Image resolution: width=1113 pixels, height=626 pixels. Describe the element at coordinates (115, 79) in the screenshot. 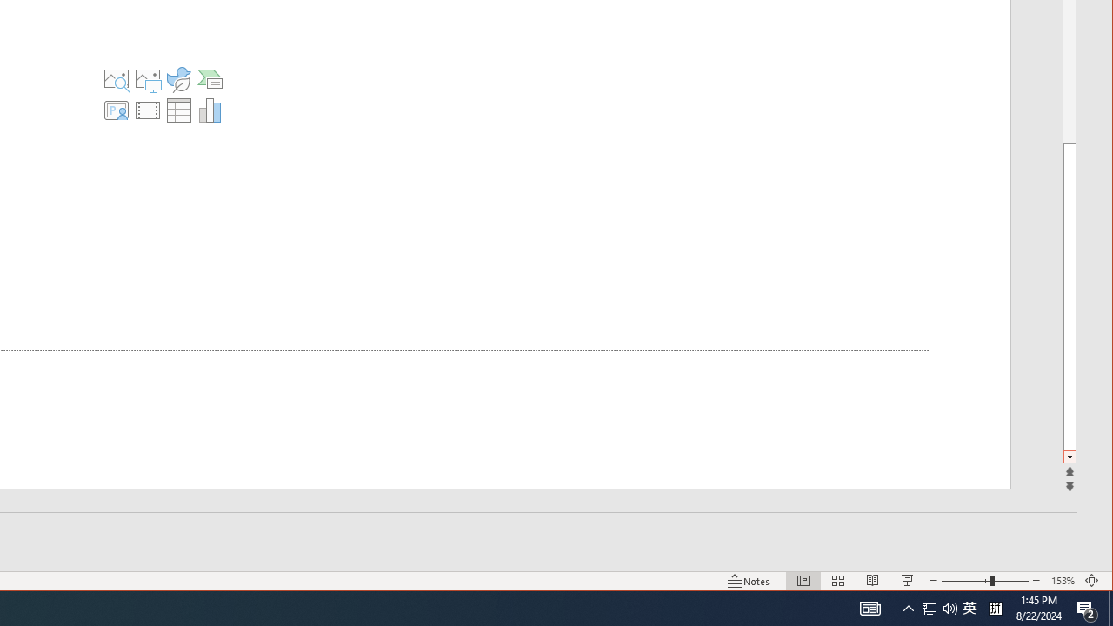

I see `'Stock Images'` at that location.